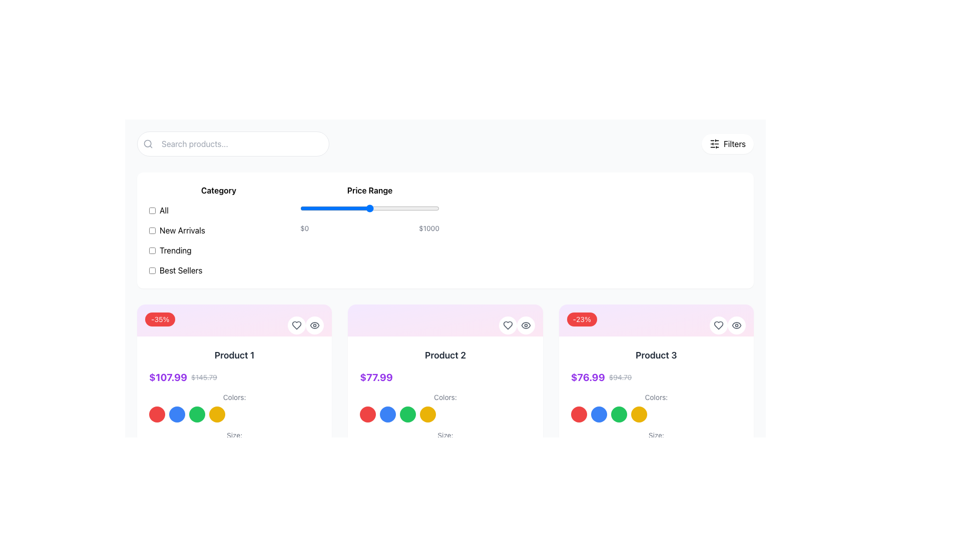 This screenshot has width=961, height=540. I want to click on the selectable color option, which is a circular UI component with a green background, the third circle in a row of four located under 'Colors:' in the first product card on the left, so click(197, 414).